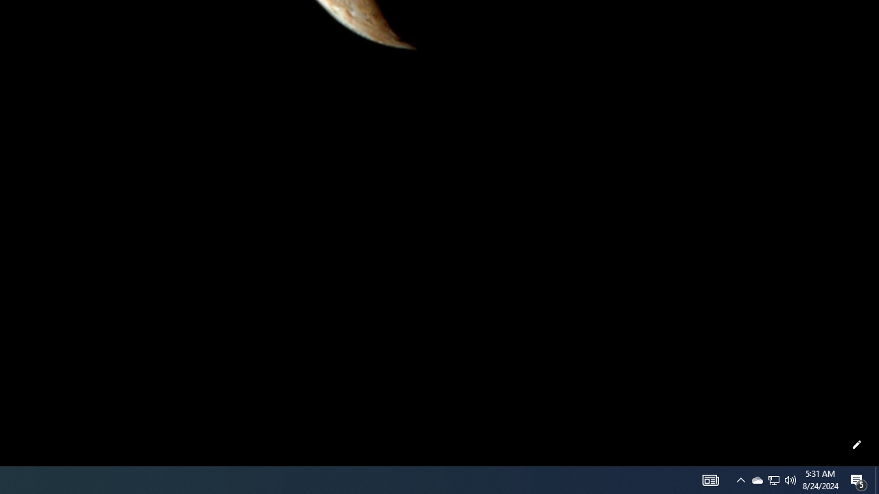  Describe the element at coordinates (856, 445) in the screenshot. I see `'Customize this page'` at that location.